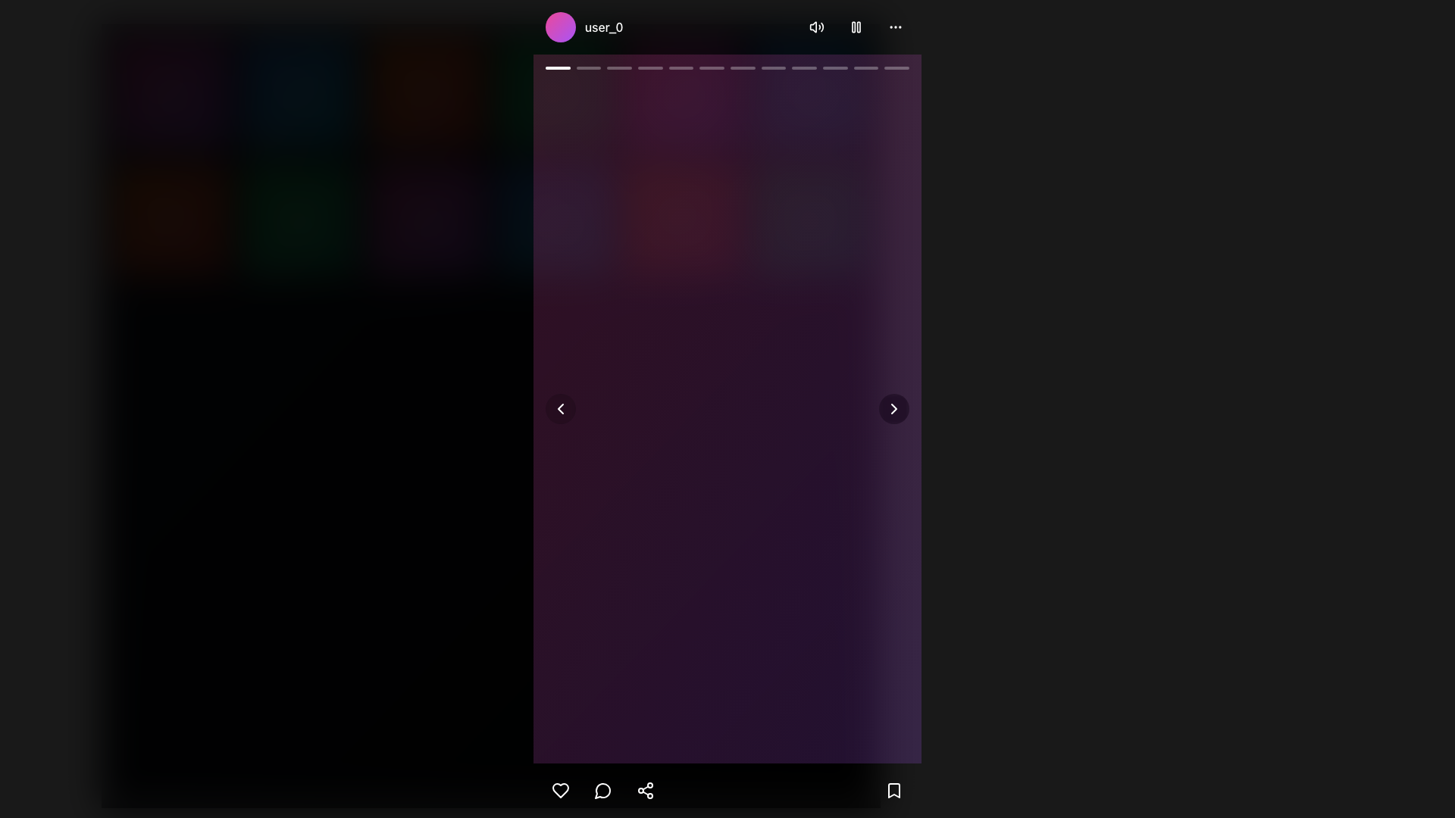  I want to click on the network node icon button with a black background, so click(645, 790).